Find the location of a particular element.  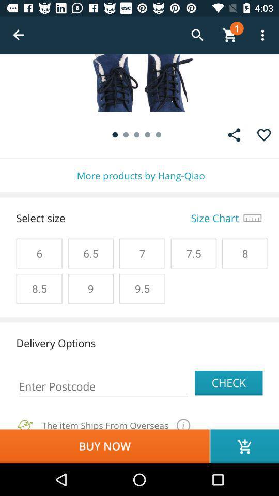

like option is located at coordinates (264, 134).